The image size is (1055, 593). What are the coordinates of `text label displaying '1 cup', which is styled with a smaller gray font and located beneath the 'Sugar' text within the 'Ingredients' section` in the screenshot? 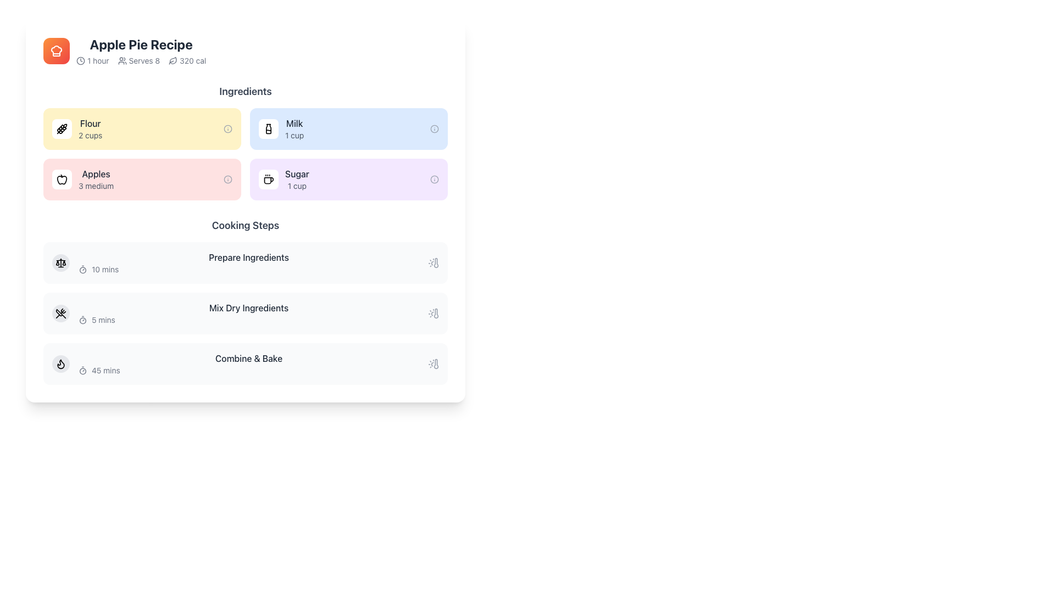 It's located at (297, 186).